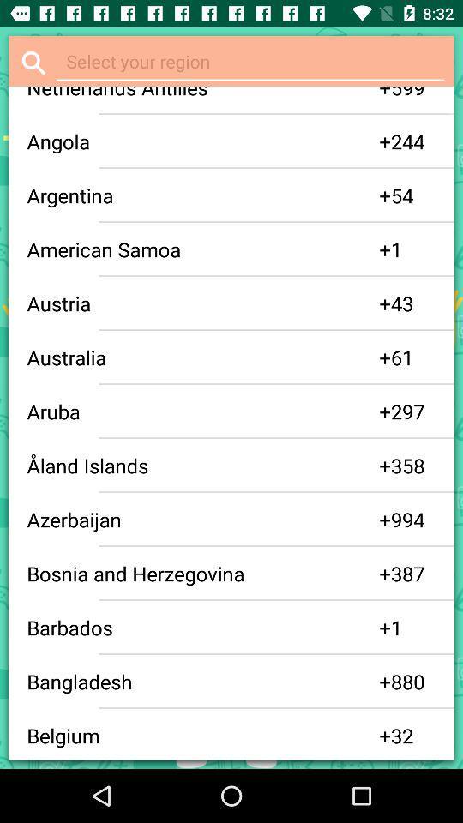 The image size is (463, 823). I want to click on app to the left of 244, so click(385, 141).